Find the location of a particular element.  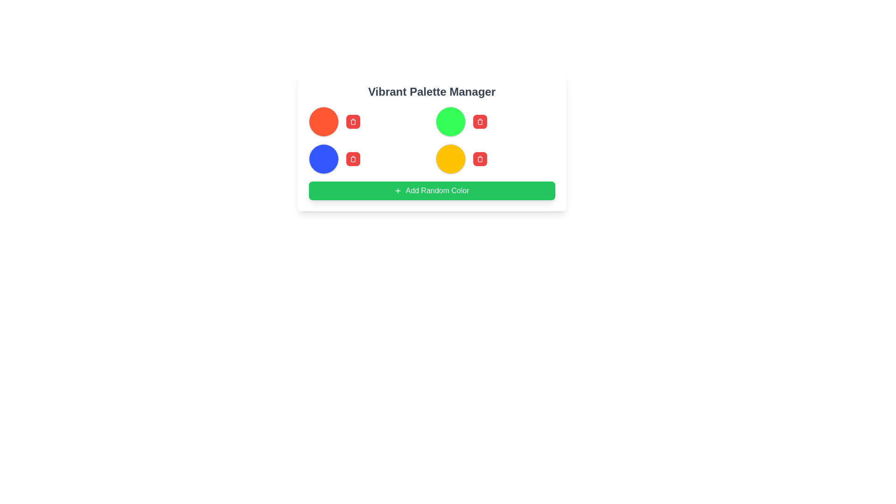

the delete button located under the 'Vibrant Palette Manager', positioned to the right of the orange circular element is located at coordinates (352, 121).